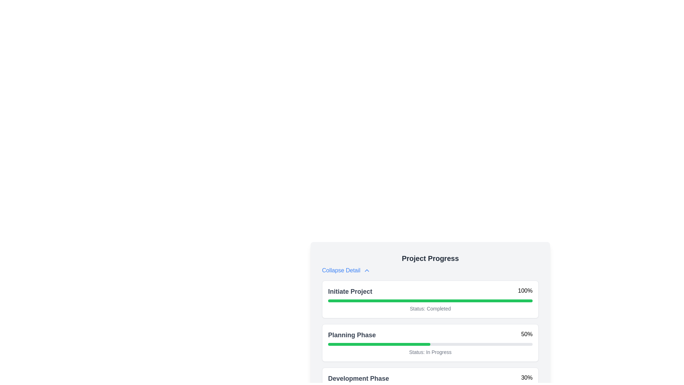  I want to click on the progress bar with a light gray background and green-filled section, located below 'Planning Phase' and the percentage indicator '50%', part of the 'Project Progress' section, so click(430, 344).